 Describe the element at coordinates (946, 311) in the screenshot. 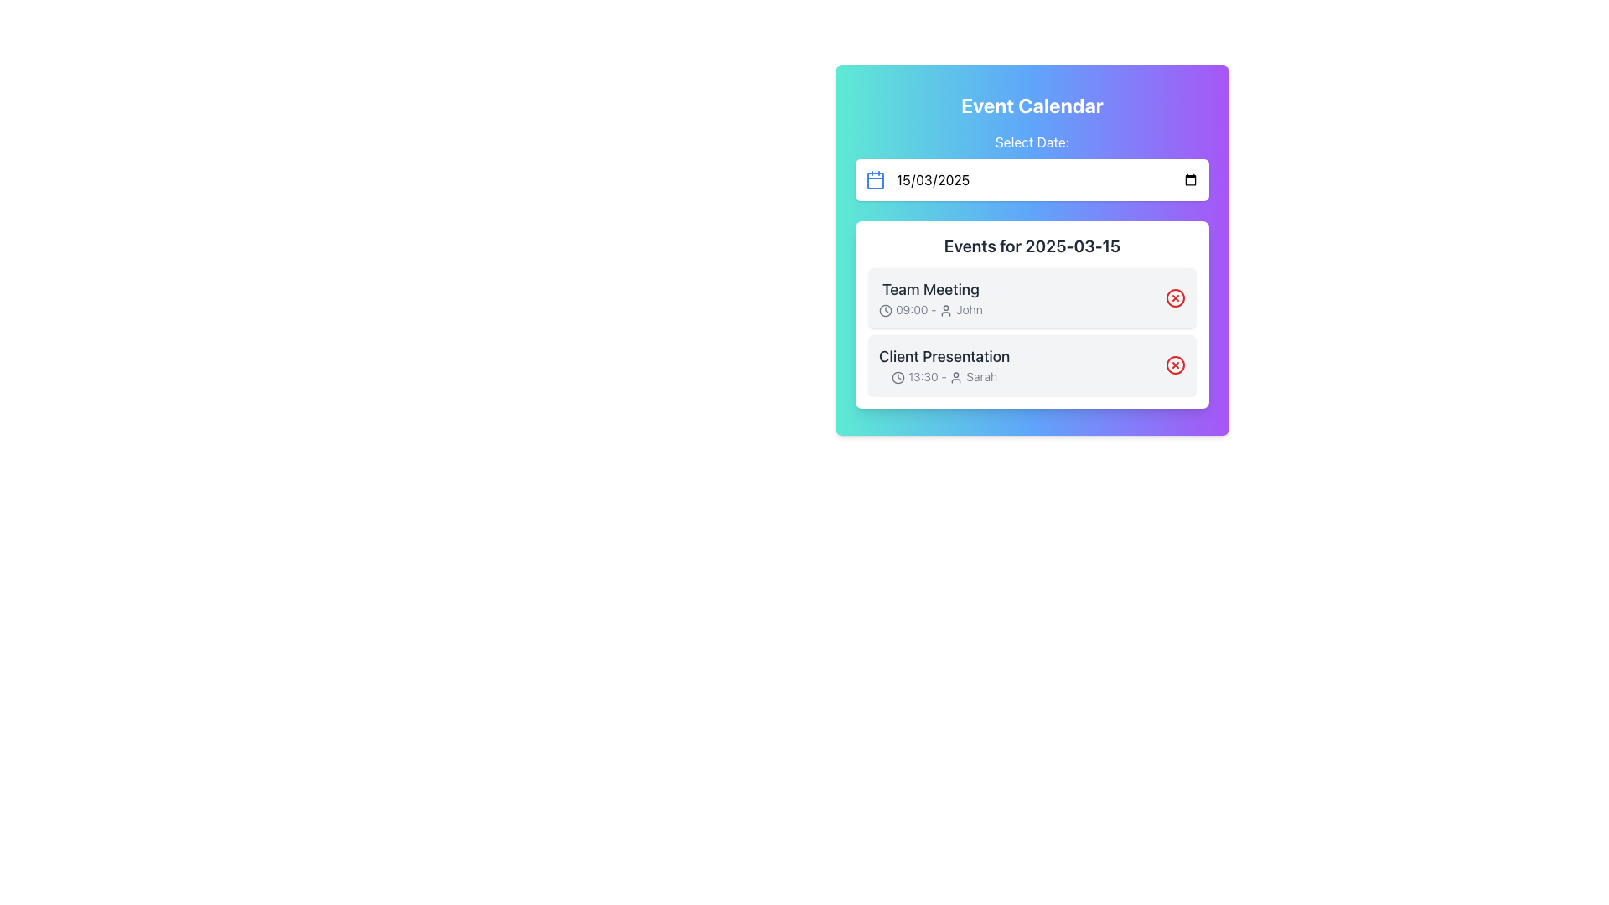

I see `the user icon representing '09:00 - John', which is a minimalistic gray outline of a user's bust and head, located adjacent to the text in the event information for 'Team Meeting'` at that location.